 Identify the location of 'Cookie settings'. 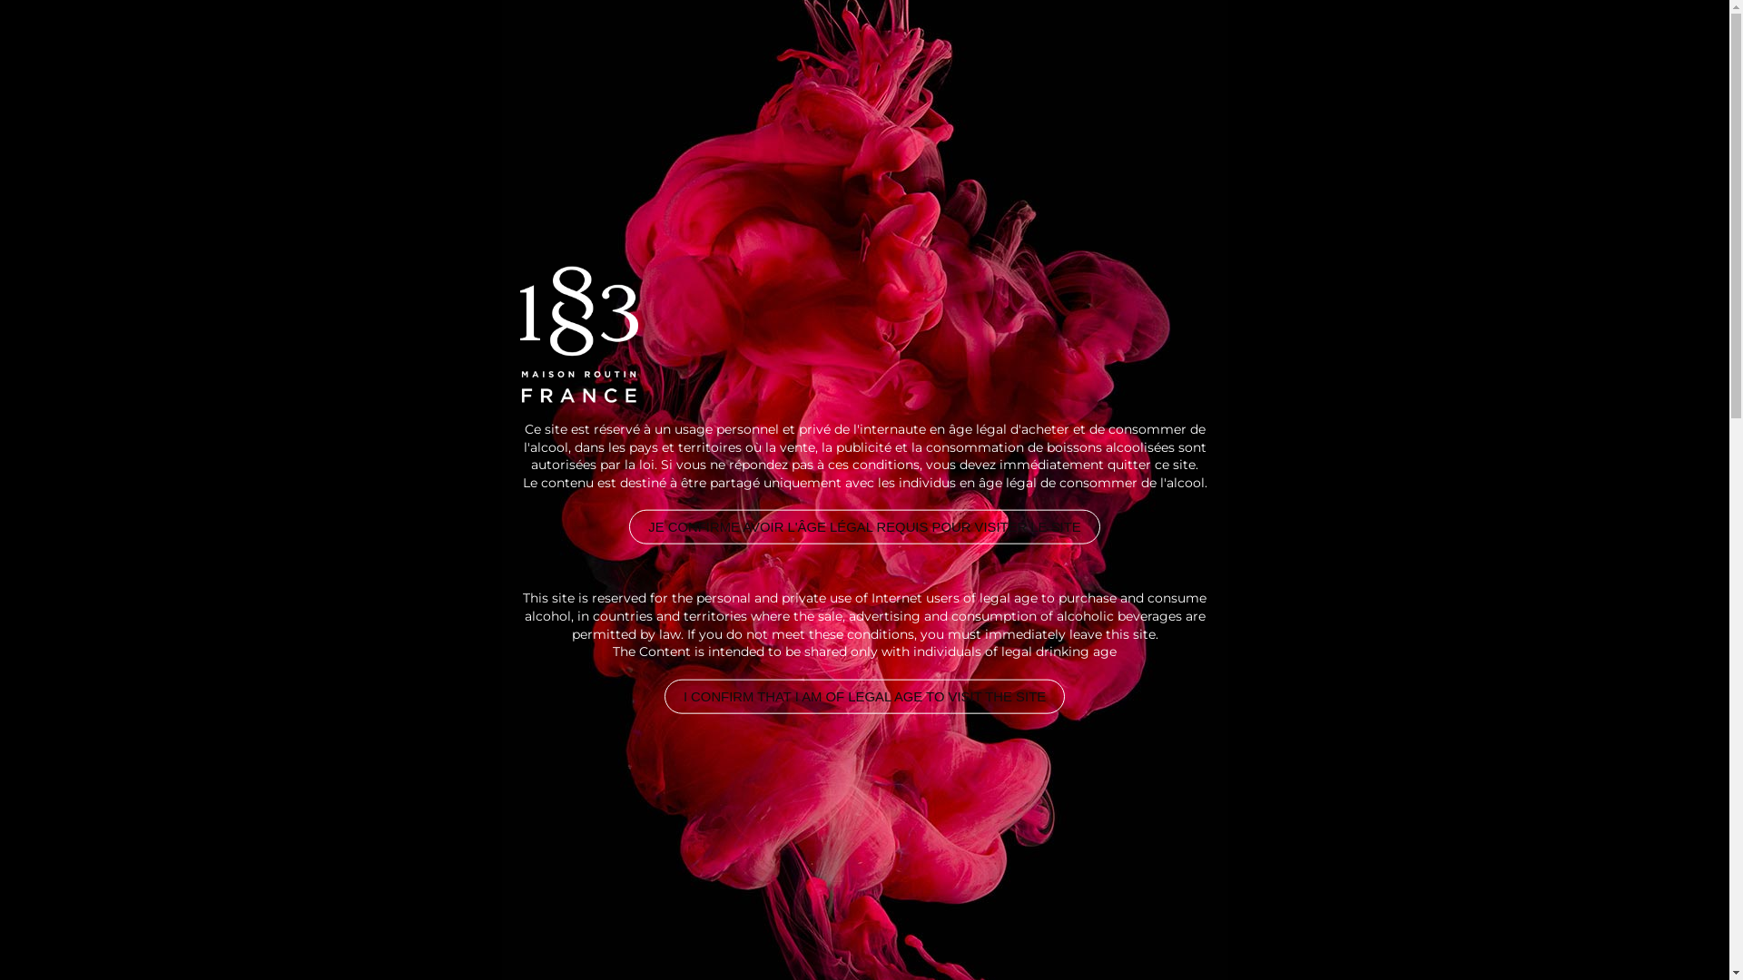
(1572, 941).